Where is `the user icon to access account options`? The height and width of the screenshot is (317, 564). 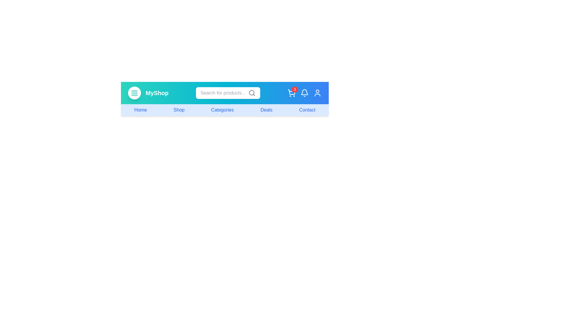
the user icon to access account options is located at coordinates (317, 92).